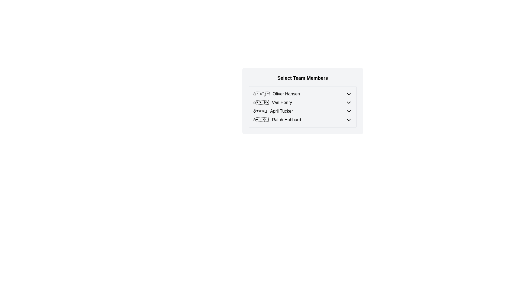  Describe the element at coordinates (303, 107) in the screenshot. I see `the entry in the selectable list of team members` at that location.